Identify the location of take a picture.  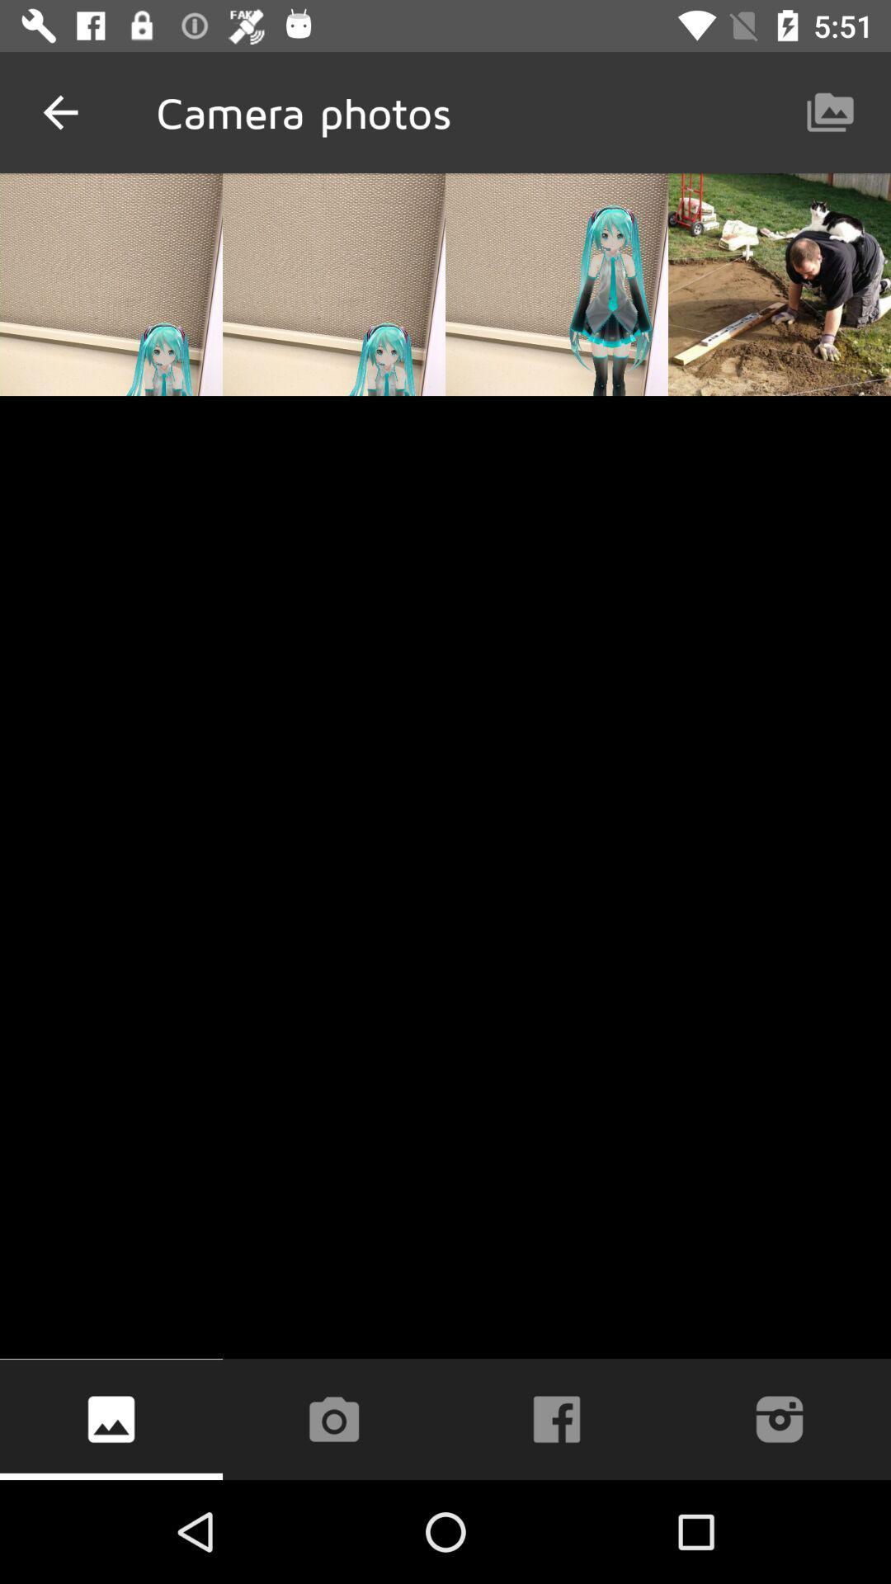
(334, 1418).